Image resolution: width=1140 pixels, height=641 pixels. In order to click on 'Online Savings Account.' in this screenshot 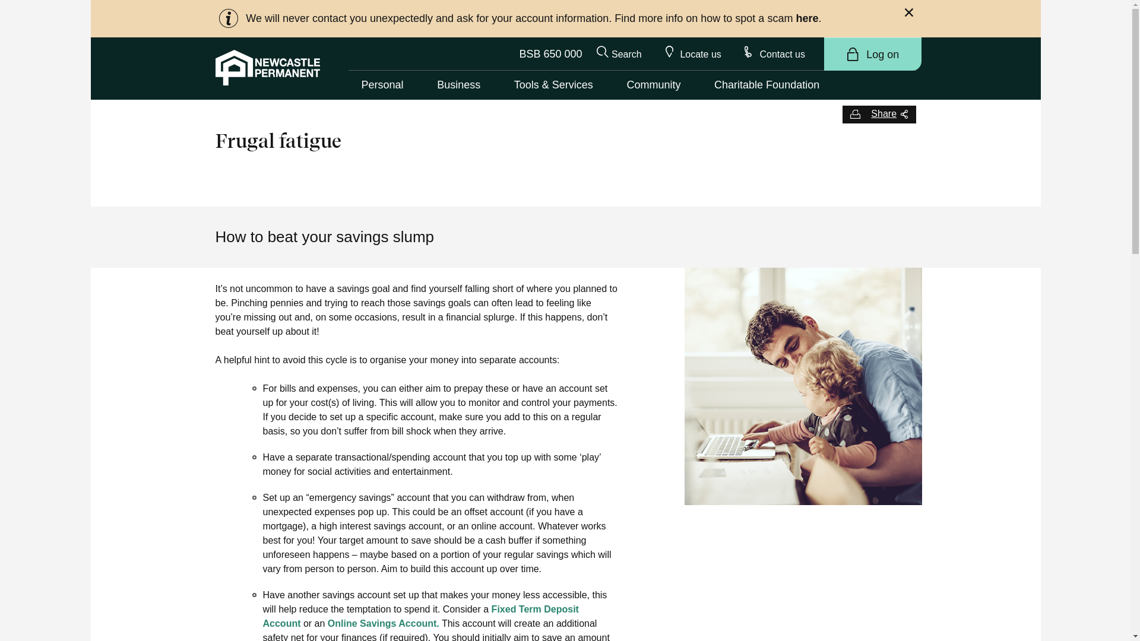, I will do `click(384, 623)`.